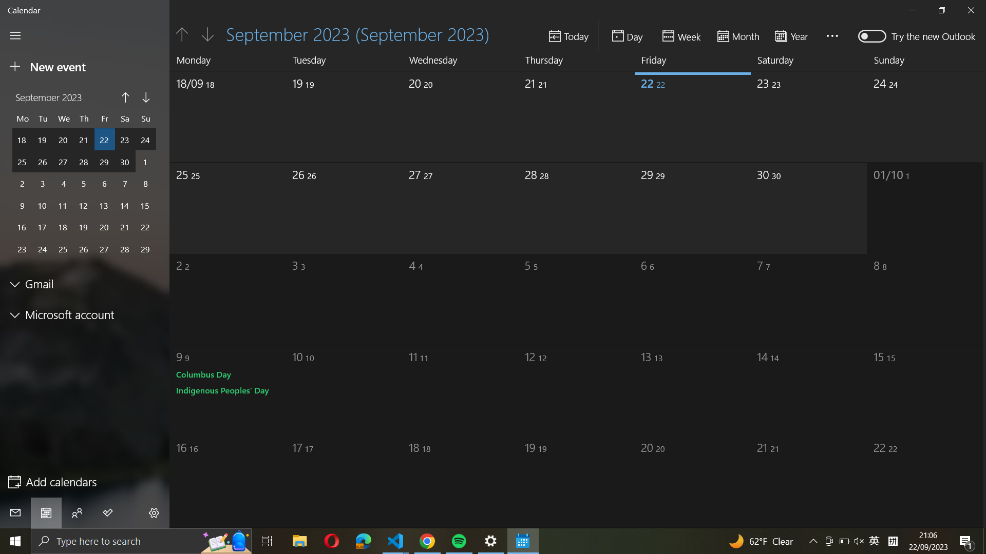 This screenshot has width=986, height=554. Describe the element at coordinates (682, 35) in the screenshot. I see `Change the view to week` at that location.